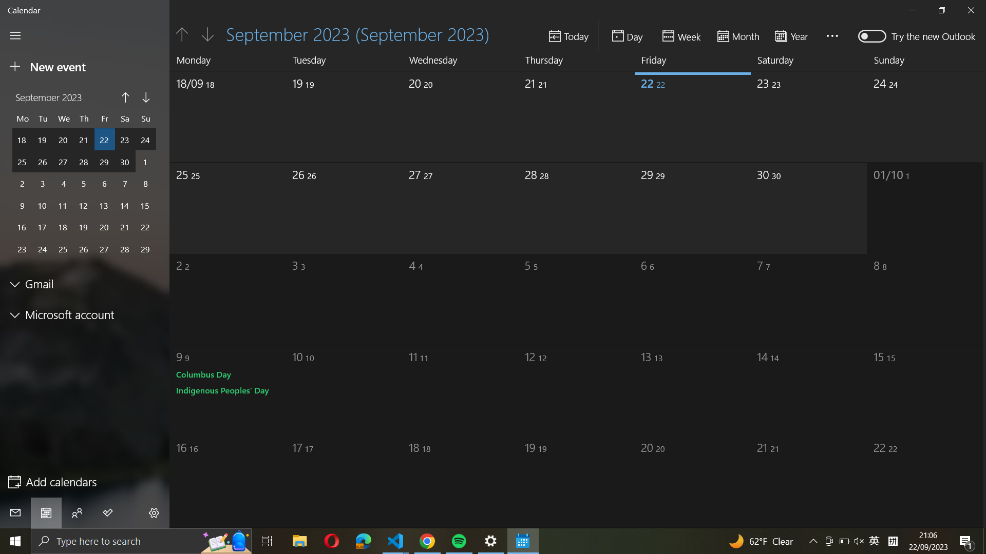 This screenshot has width=986, height=554. Describe the element at coordinates (682, 35) in the screenshot. I see `Change the view to week` at that location.